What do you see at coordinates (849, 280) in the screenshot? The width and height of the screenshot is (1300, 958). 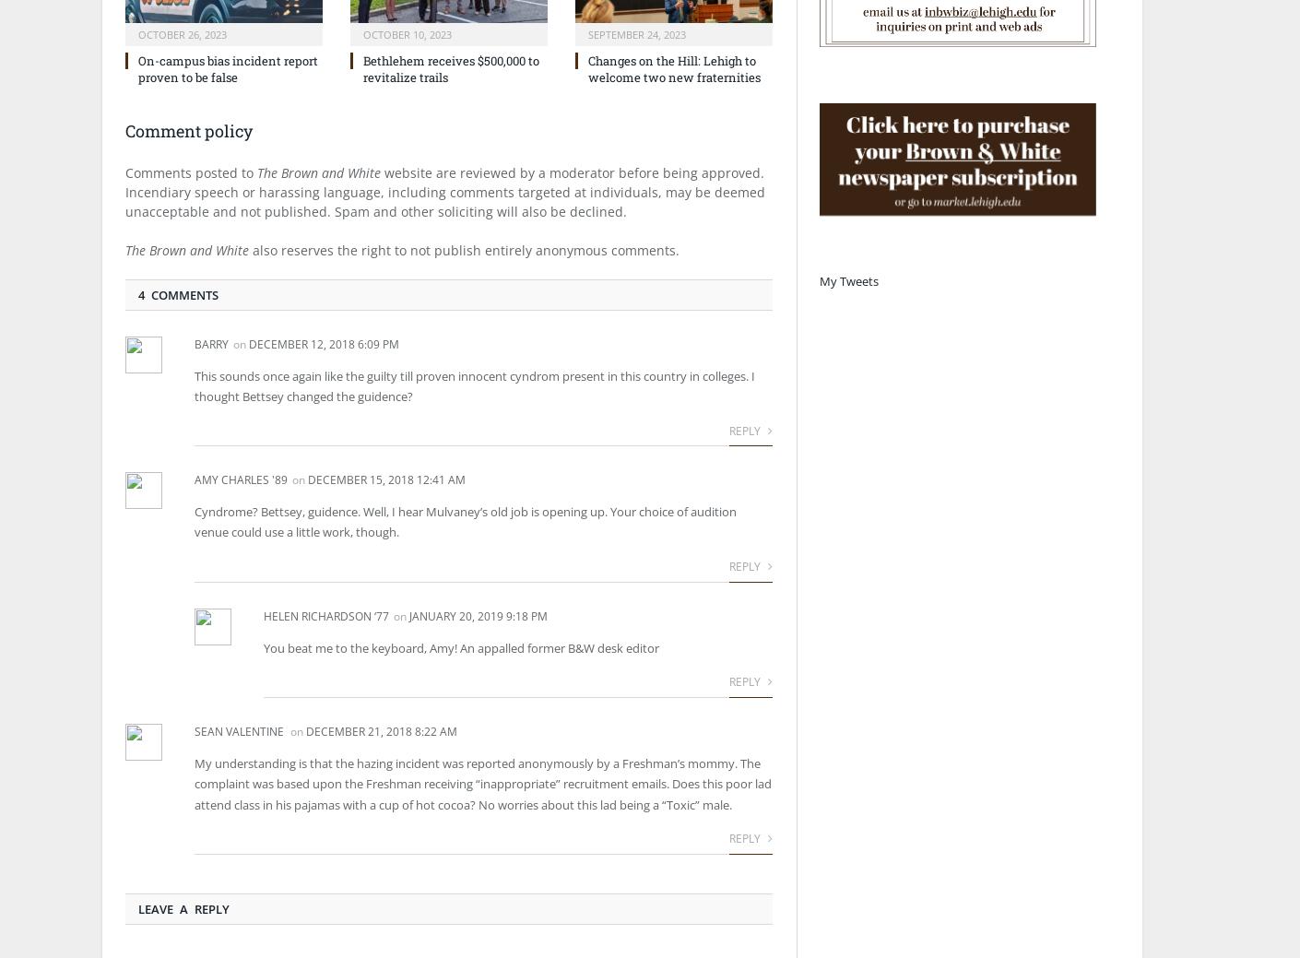 I see `'My Tweets'` at bounding box center [849, 280].